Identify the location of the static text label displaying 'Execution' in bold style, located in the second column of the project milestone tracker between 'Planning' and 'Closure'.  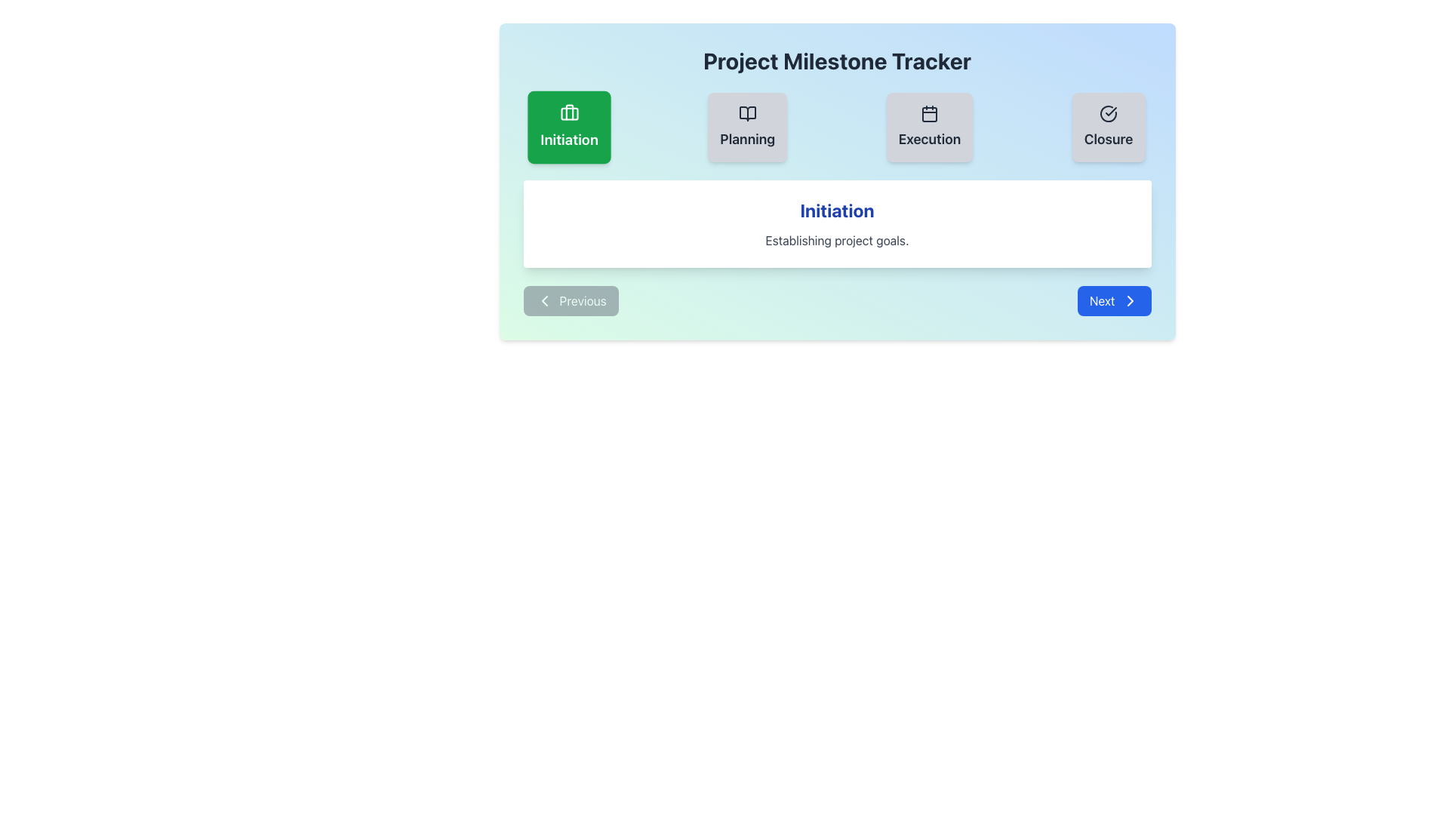
(928, 140).